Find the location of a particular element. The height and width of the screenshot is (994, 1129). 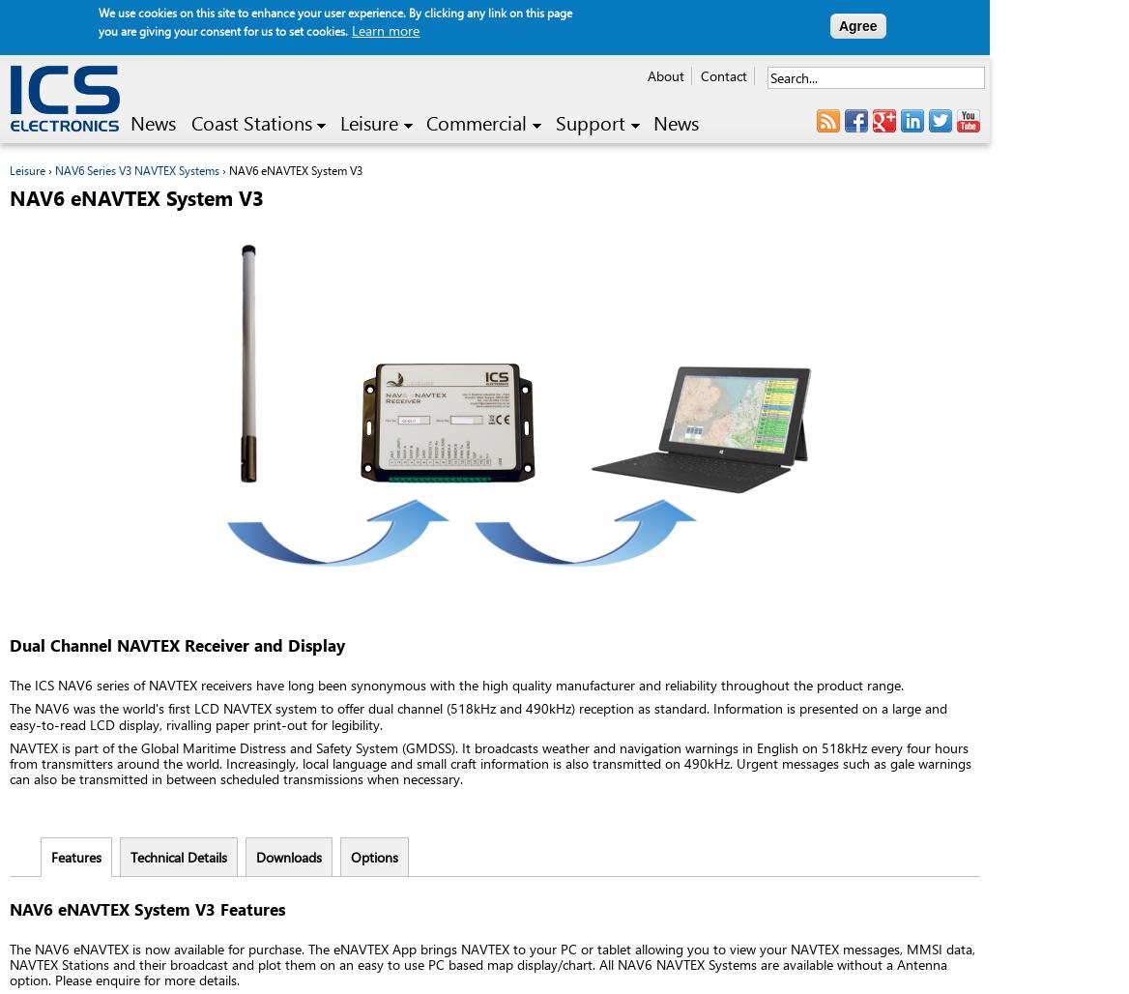

'Learn more' is located at coordinates (384, 29).